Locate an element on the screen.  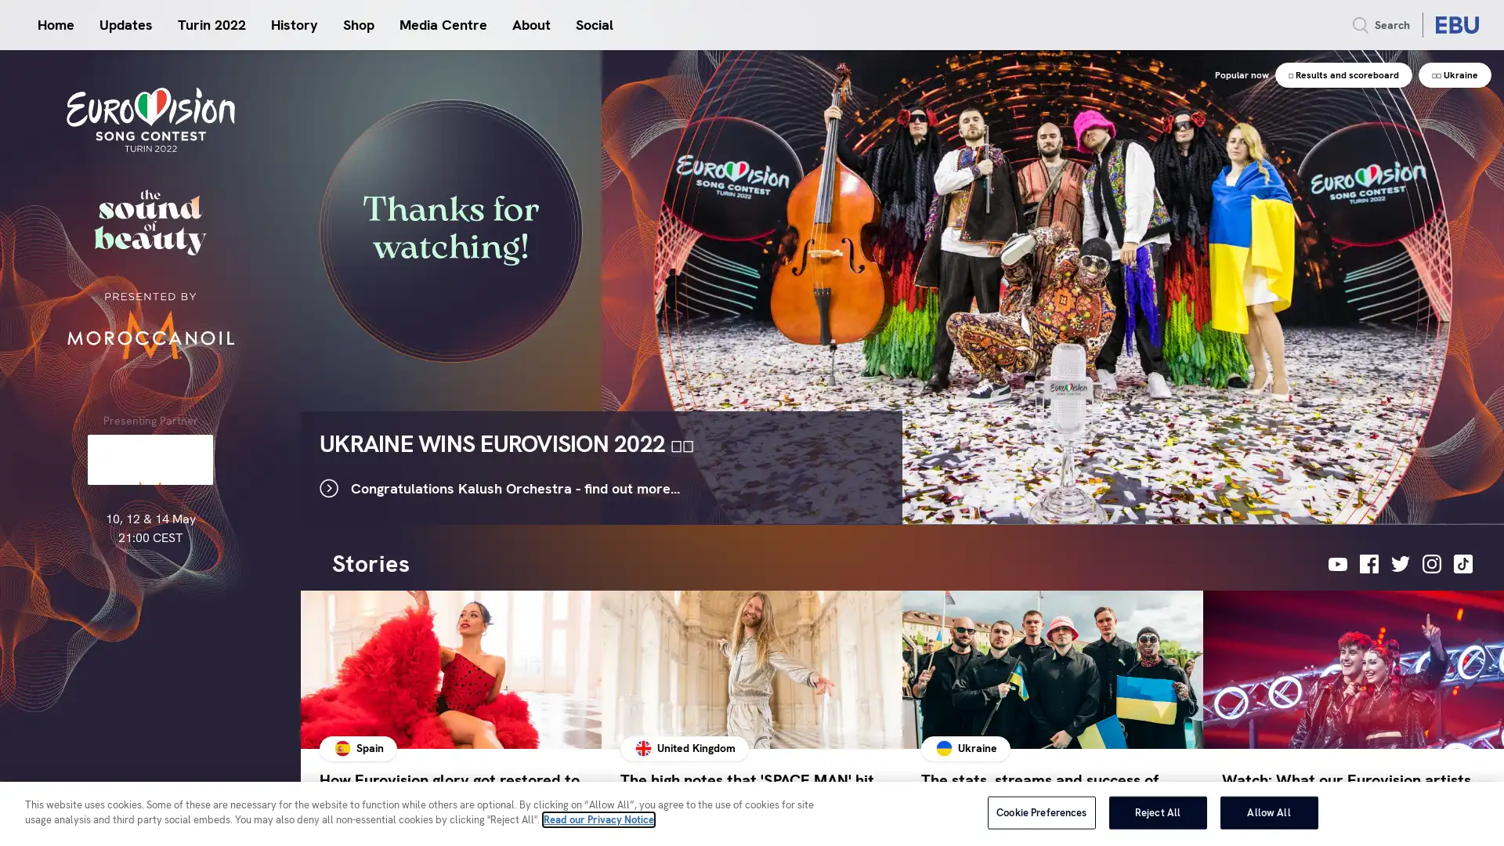
Reject All is located at coordinates (1157, 812).